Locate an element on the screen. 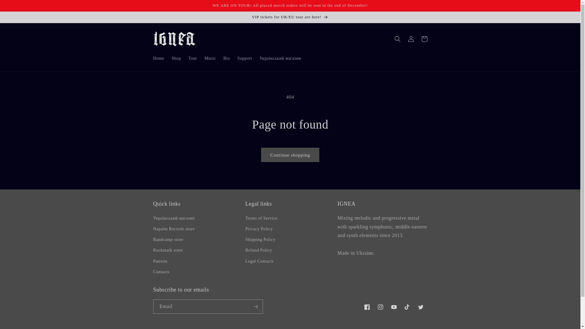  'Music' is located at coordinates (210, 58).